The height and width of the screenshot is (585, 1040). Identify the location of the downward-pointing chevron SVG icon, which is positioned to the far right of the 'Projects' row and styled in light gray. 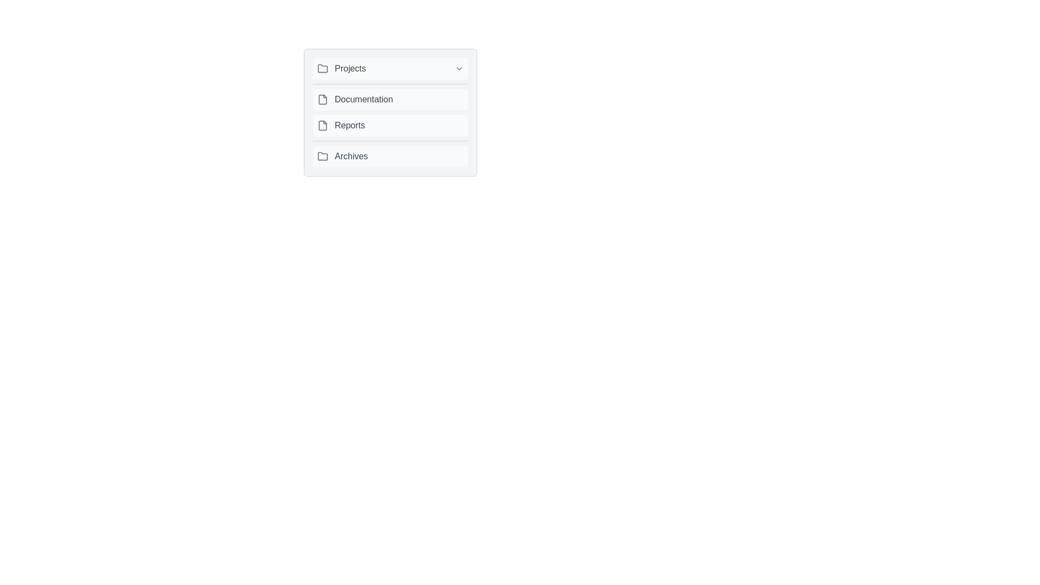
(459, 69).